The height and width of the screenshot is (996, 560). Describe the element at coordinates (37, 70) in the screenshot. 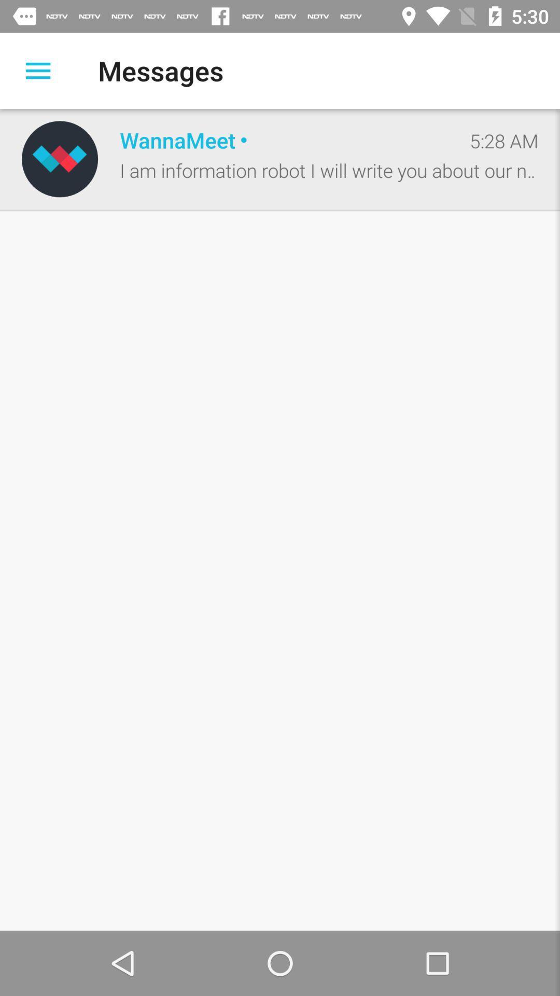

I see `menu` at that location.